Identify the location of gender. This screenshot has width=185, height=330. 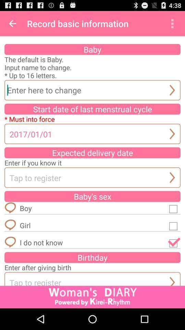
(174, 225).